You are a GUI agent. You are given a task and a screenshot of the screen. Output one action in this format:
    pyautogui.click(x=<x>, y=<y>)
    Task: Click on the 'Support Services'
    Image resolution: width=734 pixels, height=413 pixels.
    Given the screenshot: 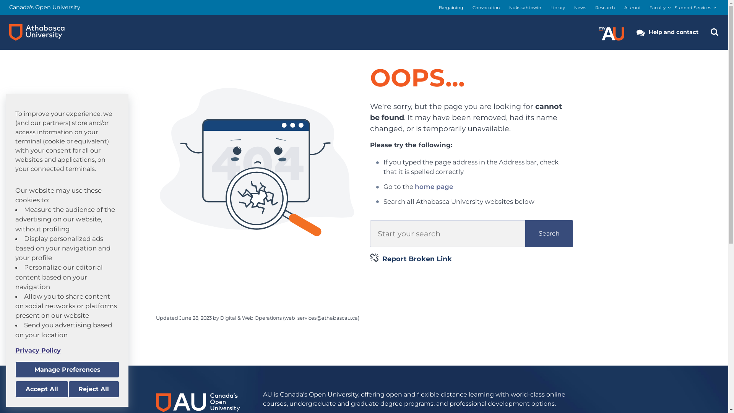 What is the action you would take?
    pyautogui.click(x=693, y=8)
    